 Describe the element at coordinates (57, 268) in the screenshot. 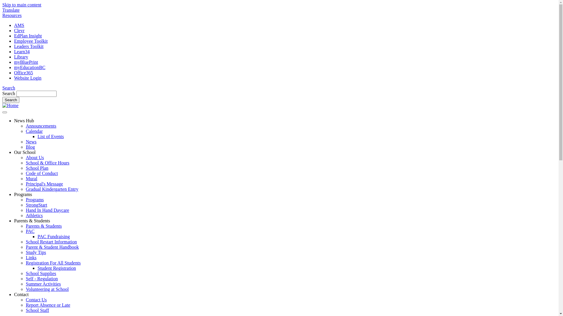

I see `'Student Registration'` at that location.